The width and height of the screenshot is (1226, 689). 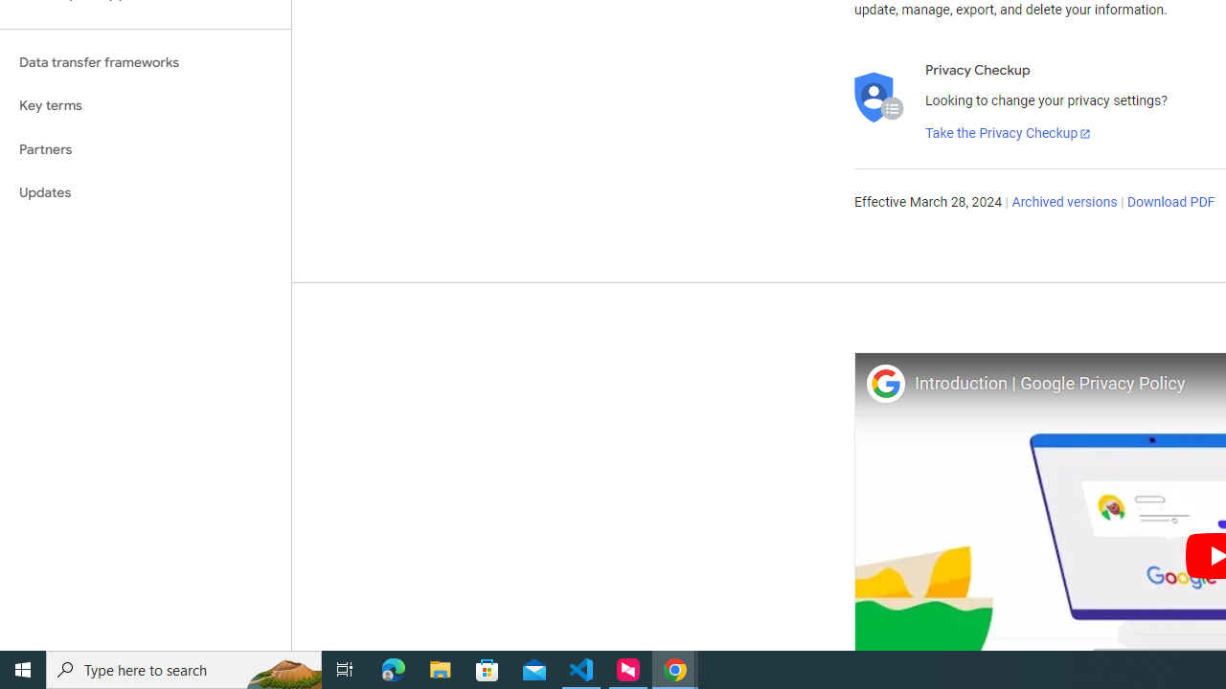 What do you see at coordinates (145, 61) in the screenshot?
I see `'Data transfer frameworks'` at bounding box center [145, 61].